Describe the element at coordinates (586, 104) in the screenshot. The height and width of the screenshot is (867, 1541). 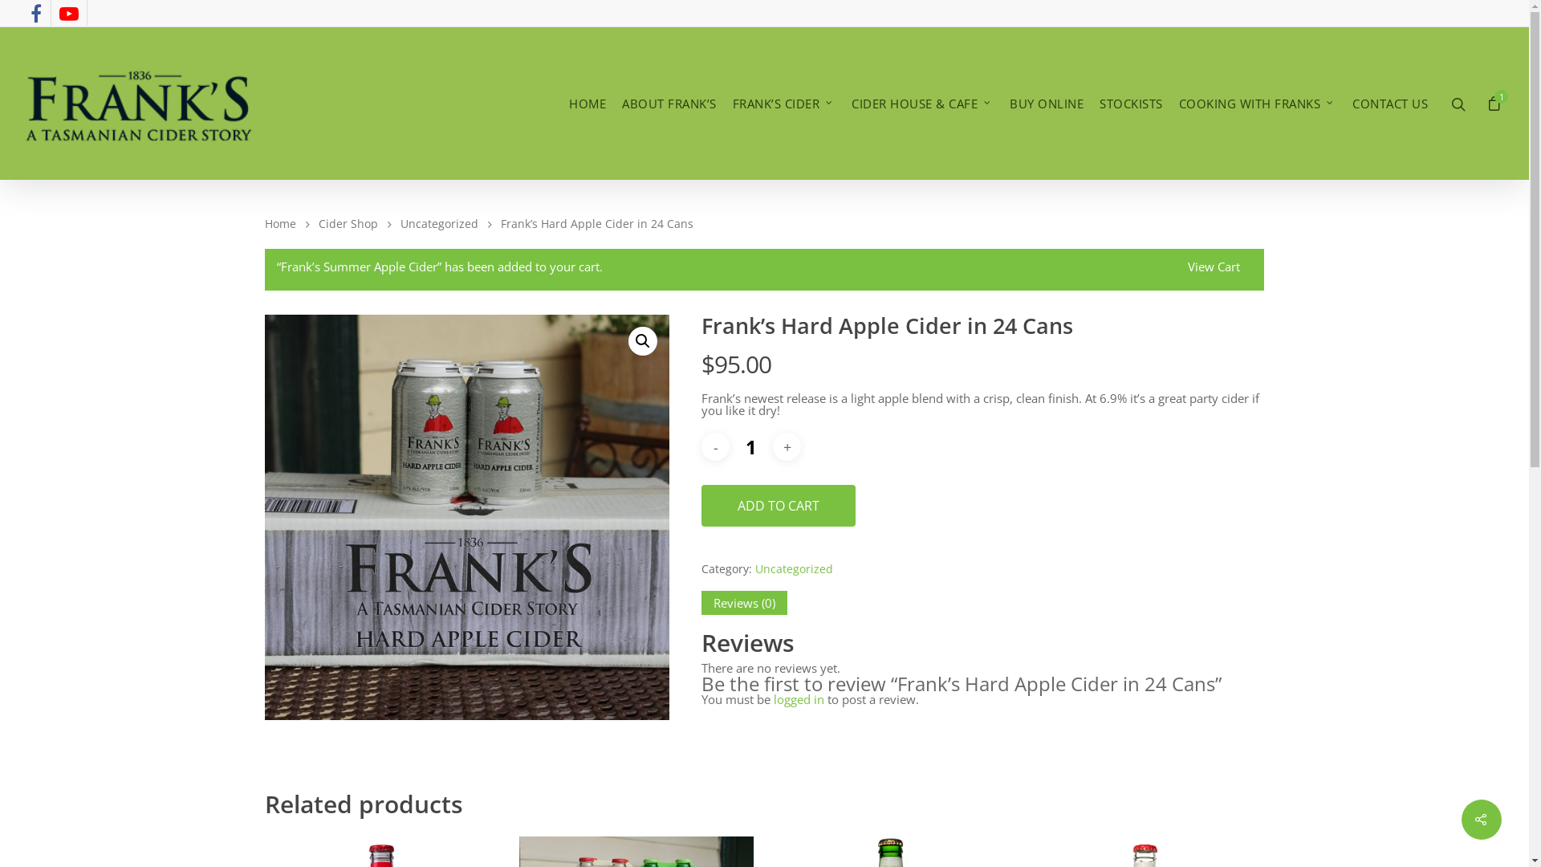
I see `'HOME'` at that location.